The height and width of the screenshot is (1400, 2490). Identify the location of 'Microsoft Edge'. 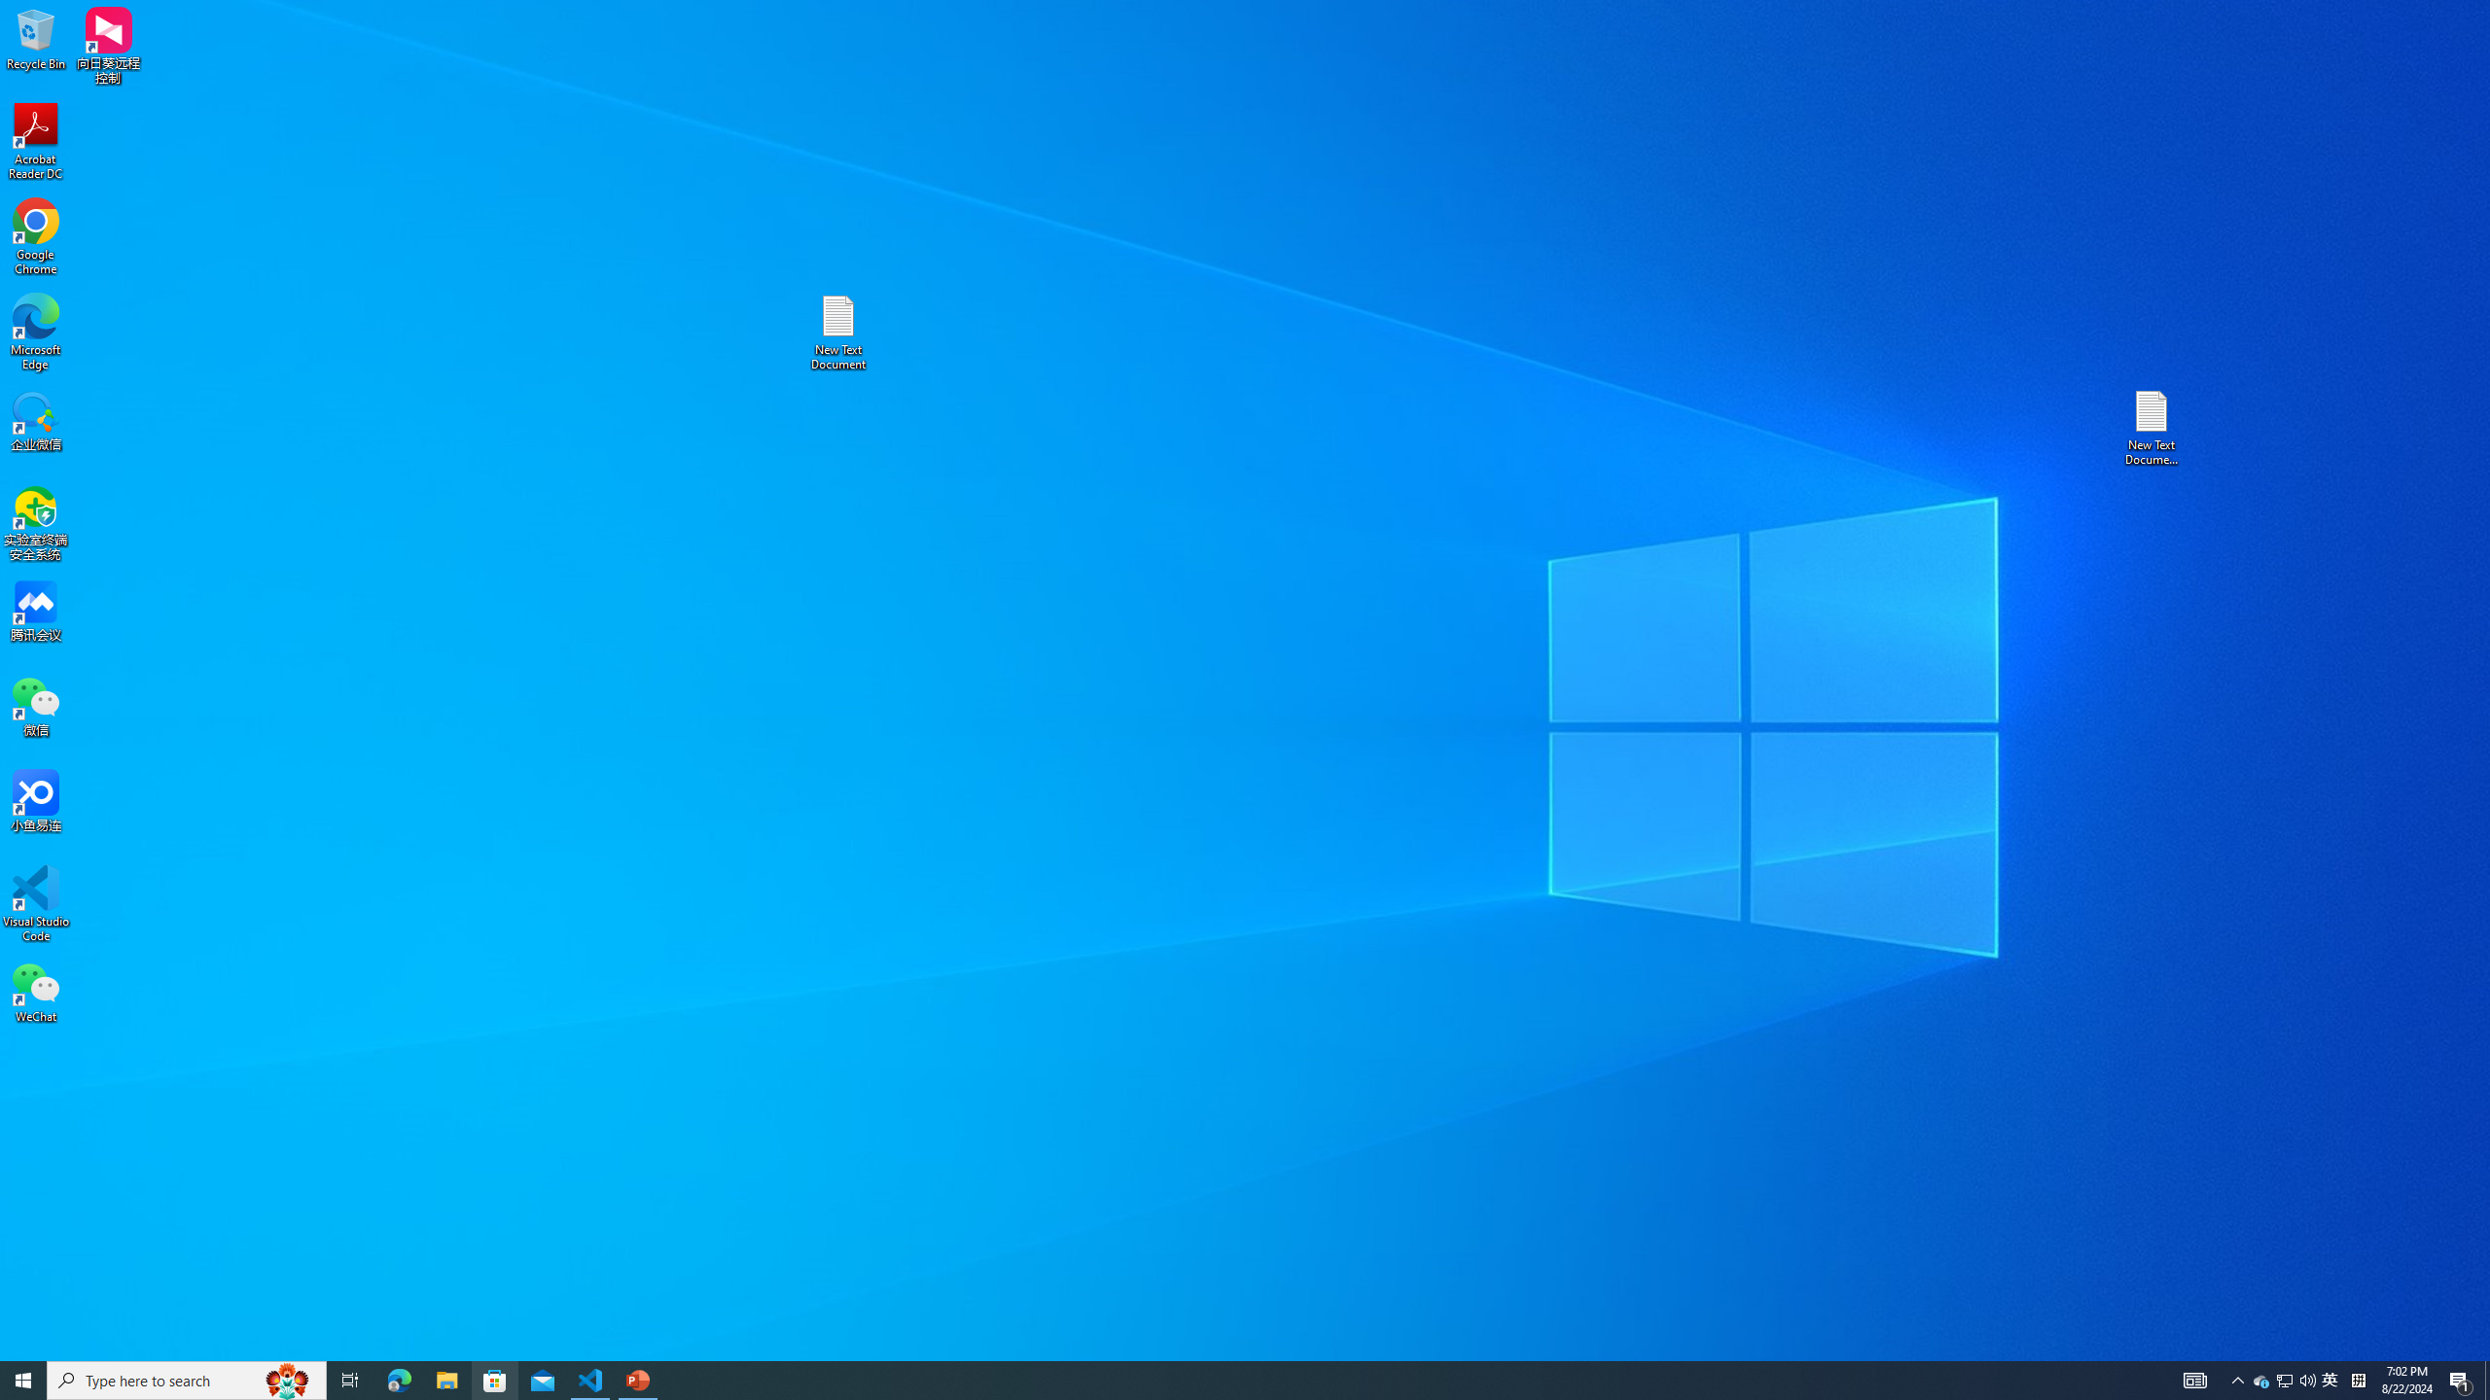
(35, 332).